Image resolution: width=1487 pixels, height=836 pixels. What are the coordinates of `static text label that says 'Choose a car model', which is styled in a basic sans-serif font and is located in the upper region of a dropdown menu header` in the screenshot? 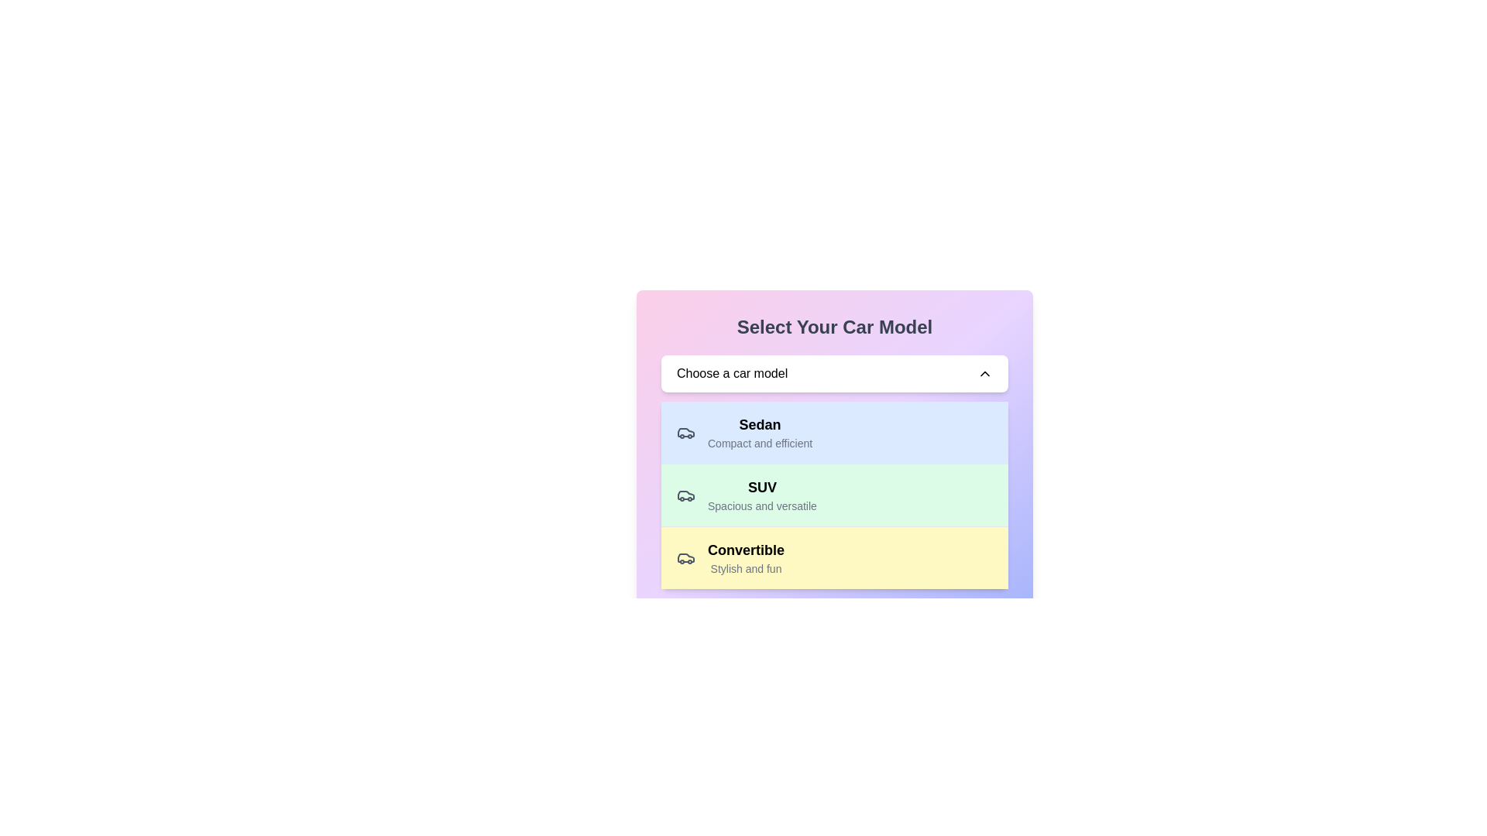 It's located at (731, 373).